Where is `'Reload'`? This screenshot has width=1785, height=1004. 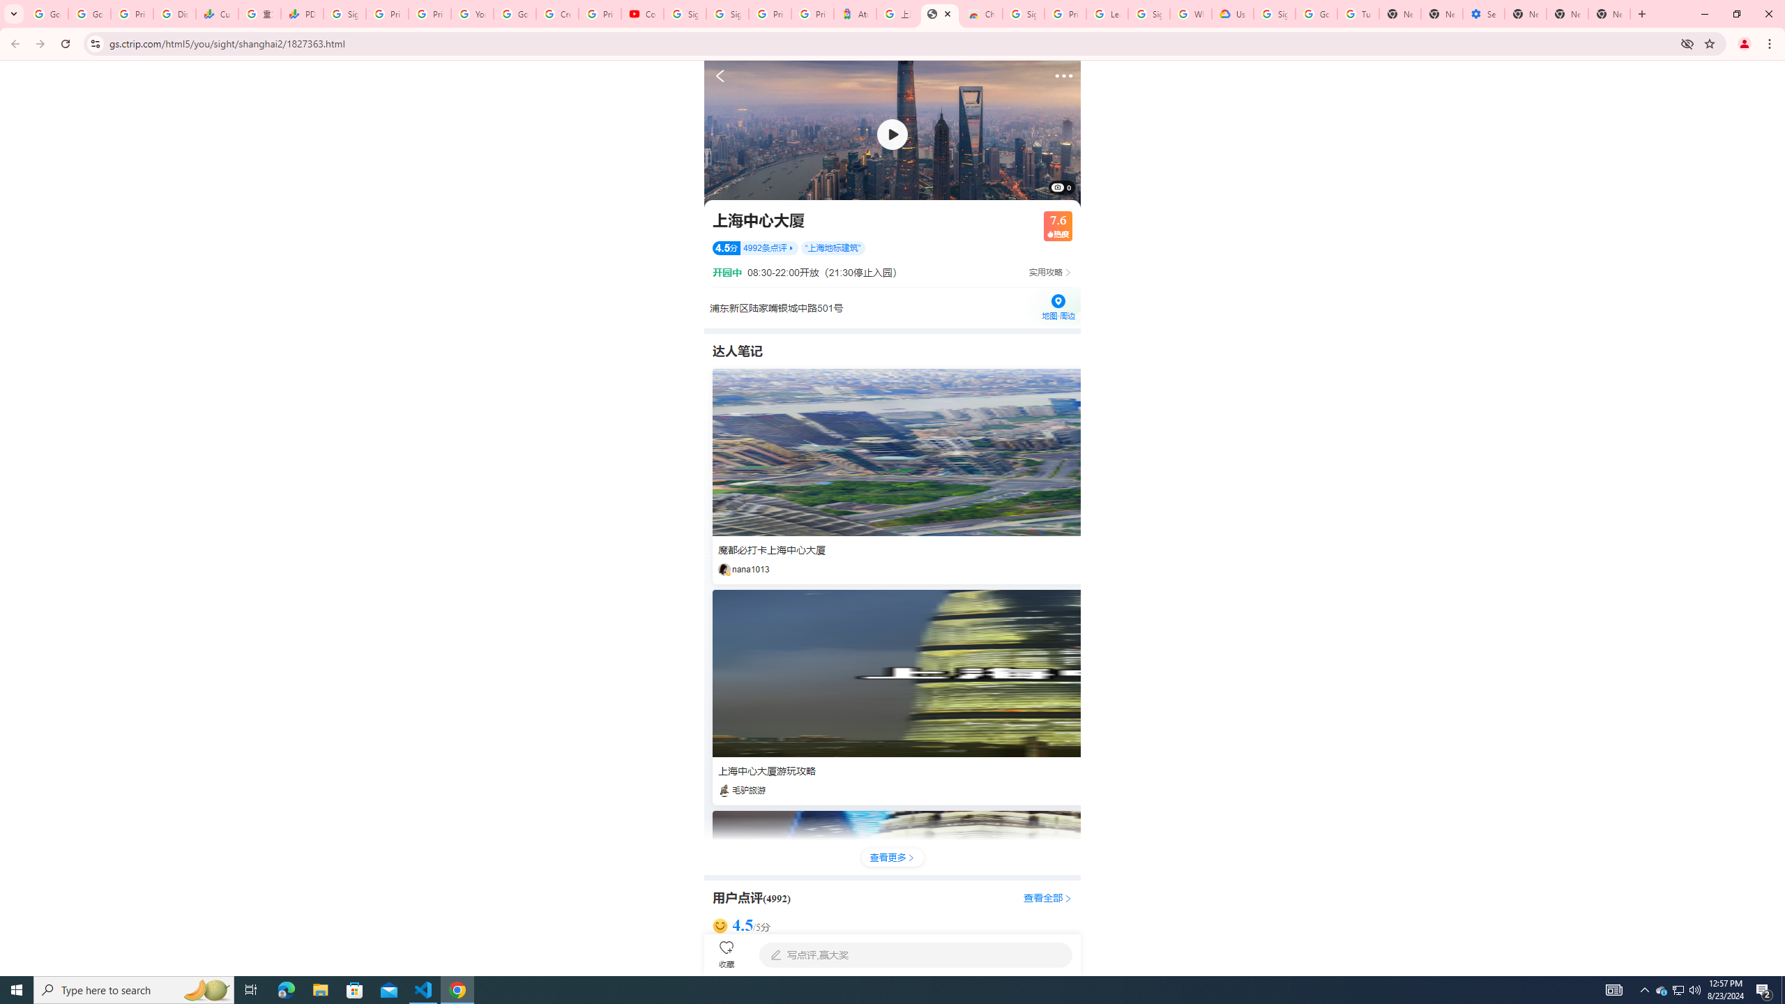 'Reload' is located at coordinates (65, 43).